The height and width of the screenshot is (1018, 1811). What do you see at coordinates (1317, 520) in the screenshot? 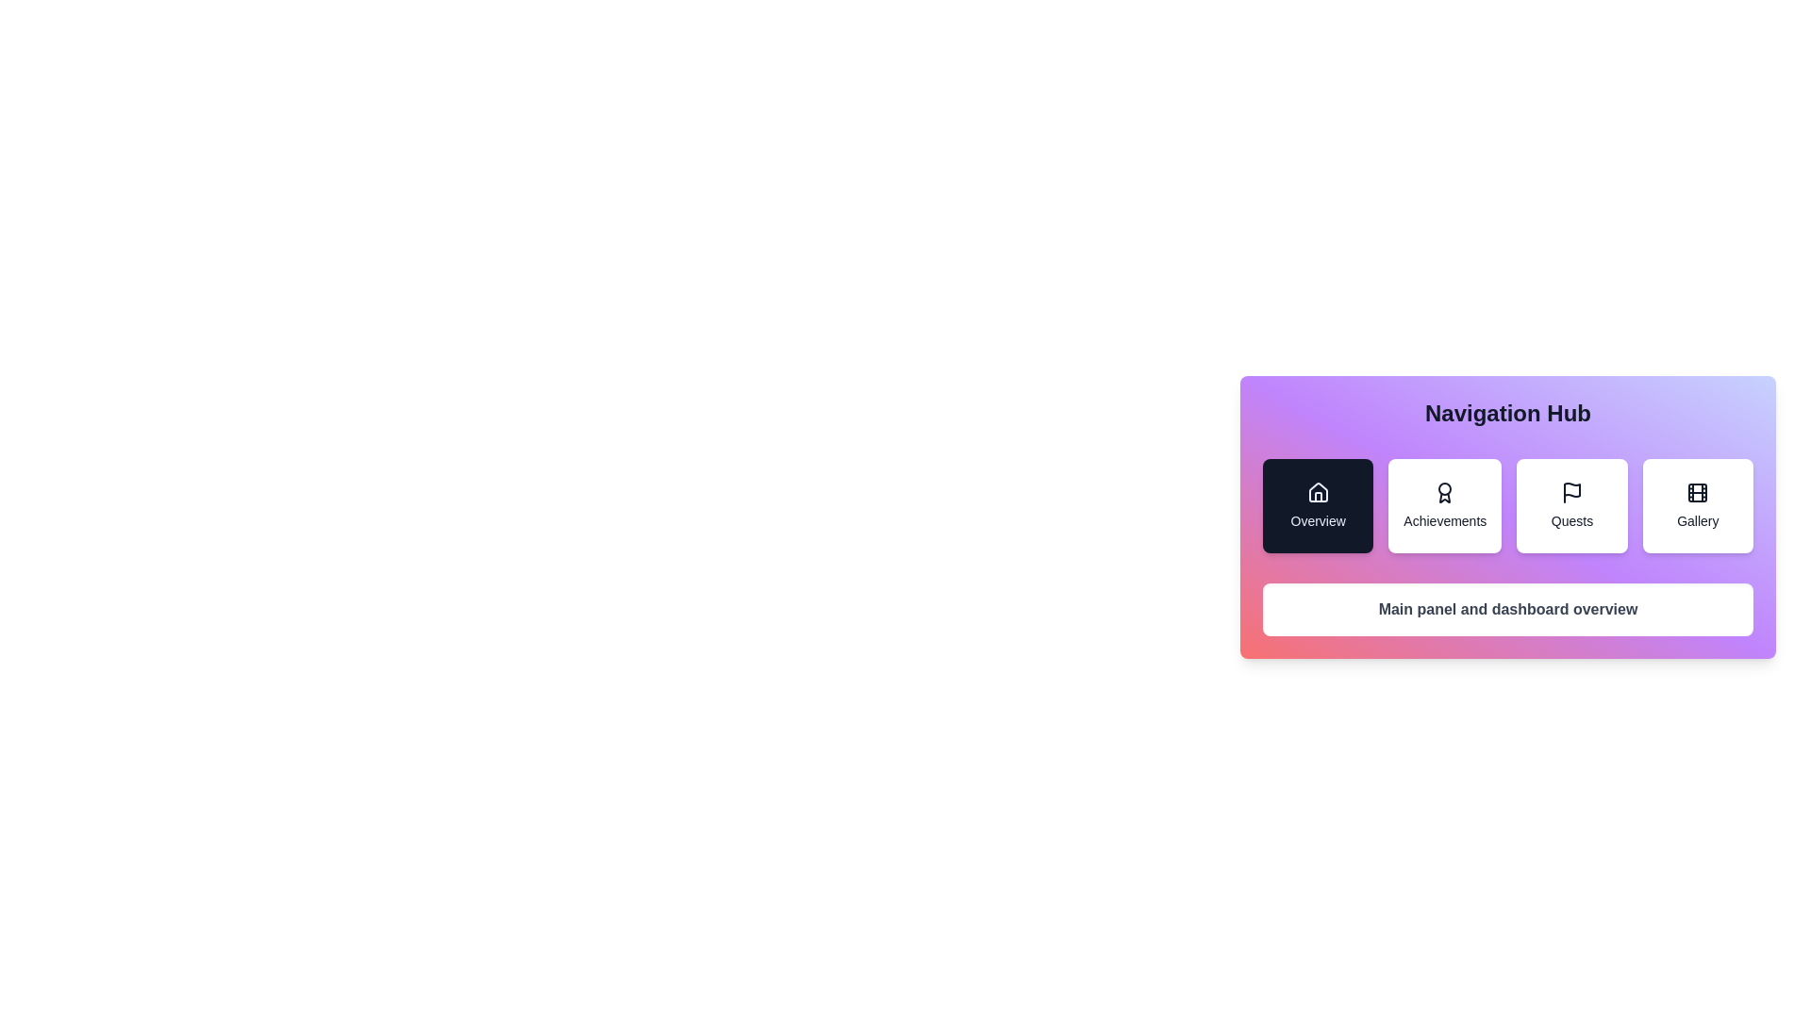
I see `the prominently displayed static text label that reads 'Overview', located below the house icon in the upper left section of the navigation area` at bounding box center [1317, 520].